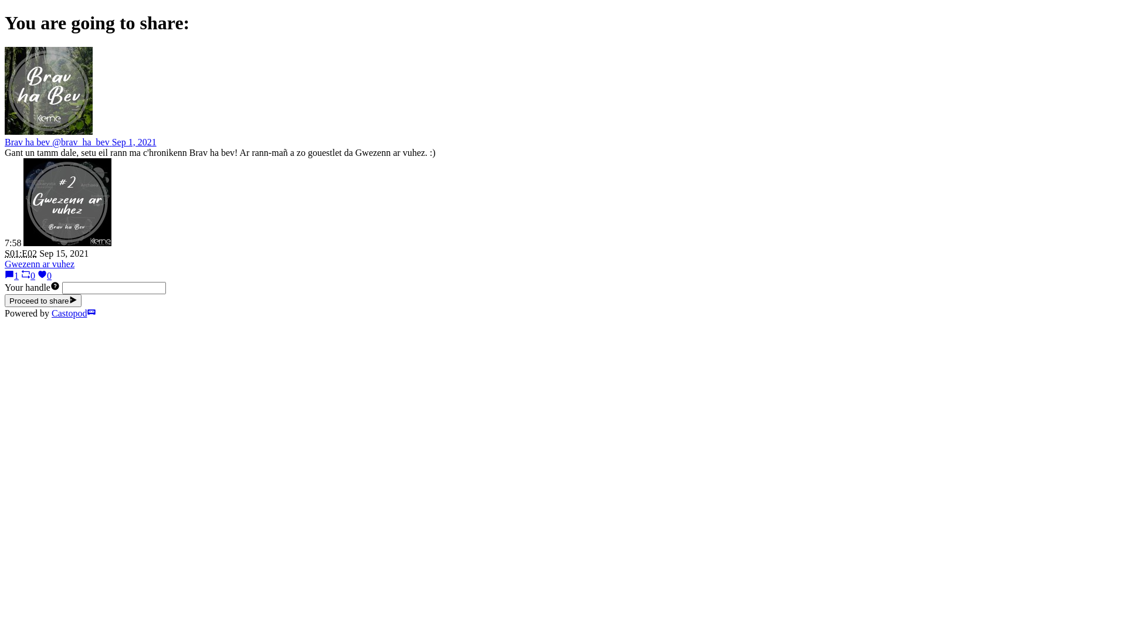 The image size is (1126, 633). Describe the element at coordinates (45, 275) in the screenshot. I see `'0'` at that location.